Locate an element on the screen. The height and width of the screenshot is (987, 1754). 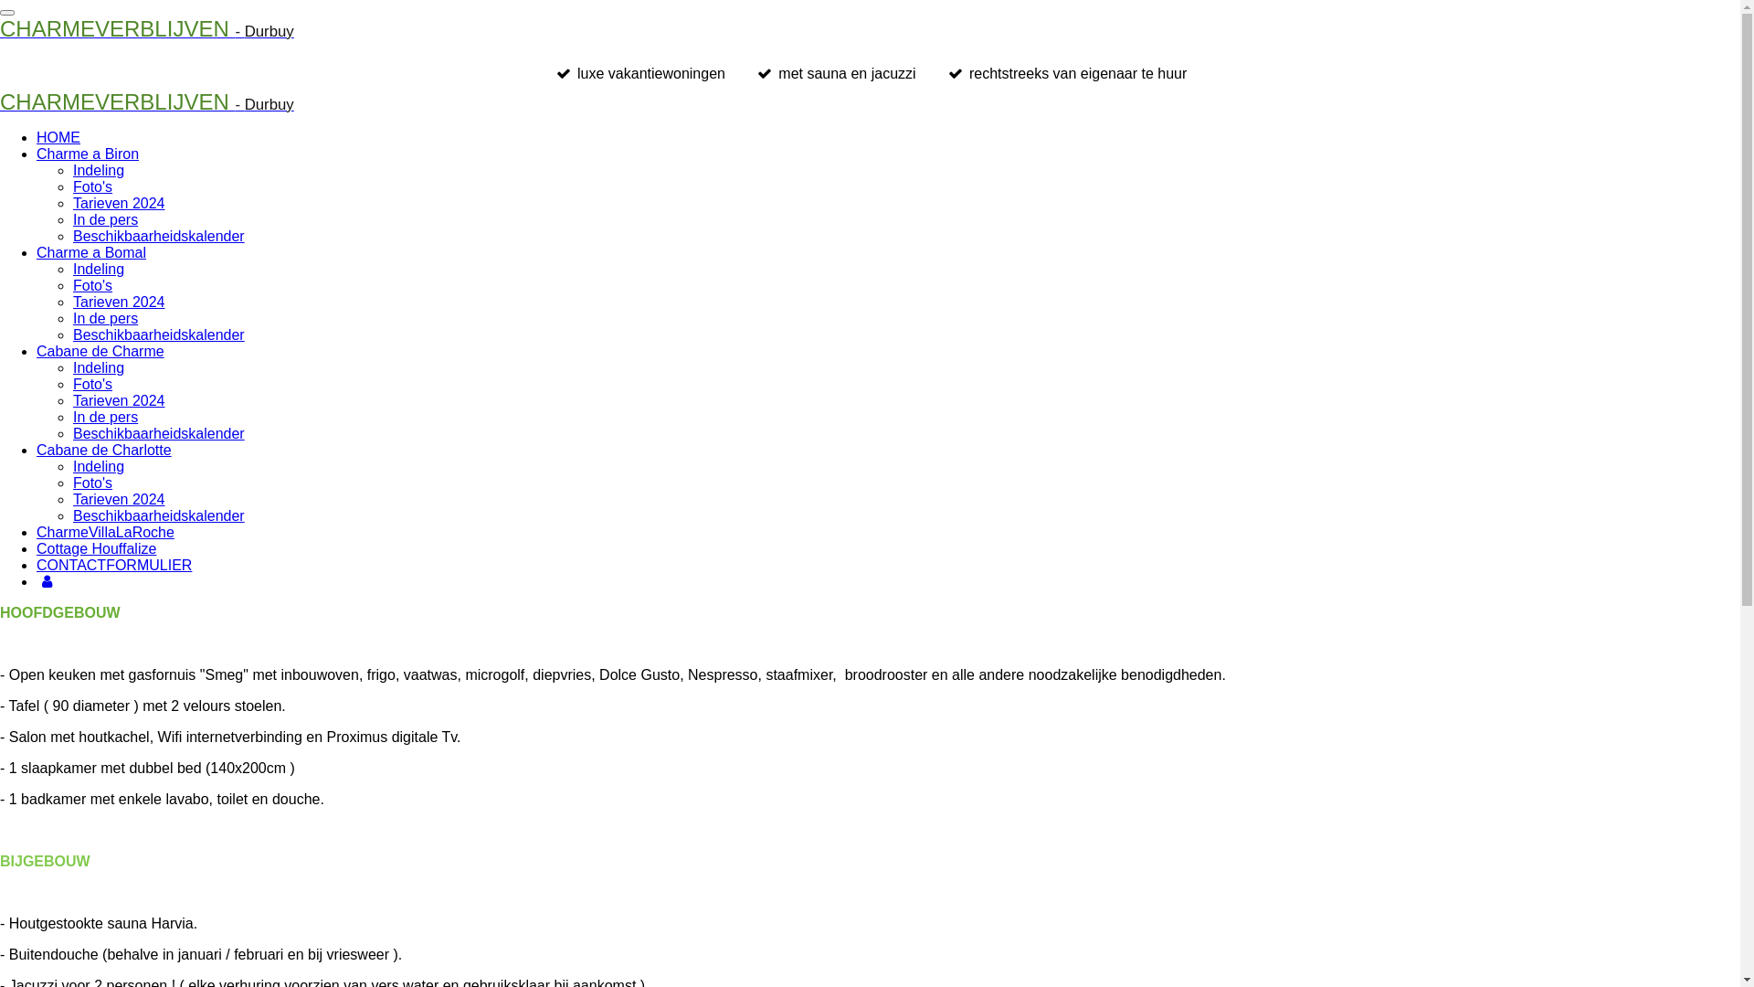
'CONTACTFORMULIER' is located at coordinates (112, 564).